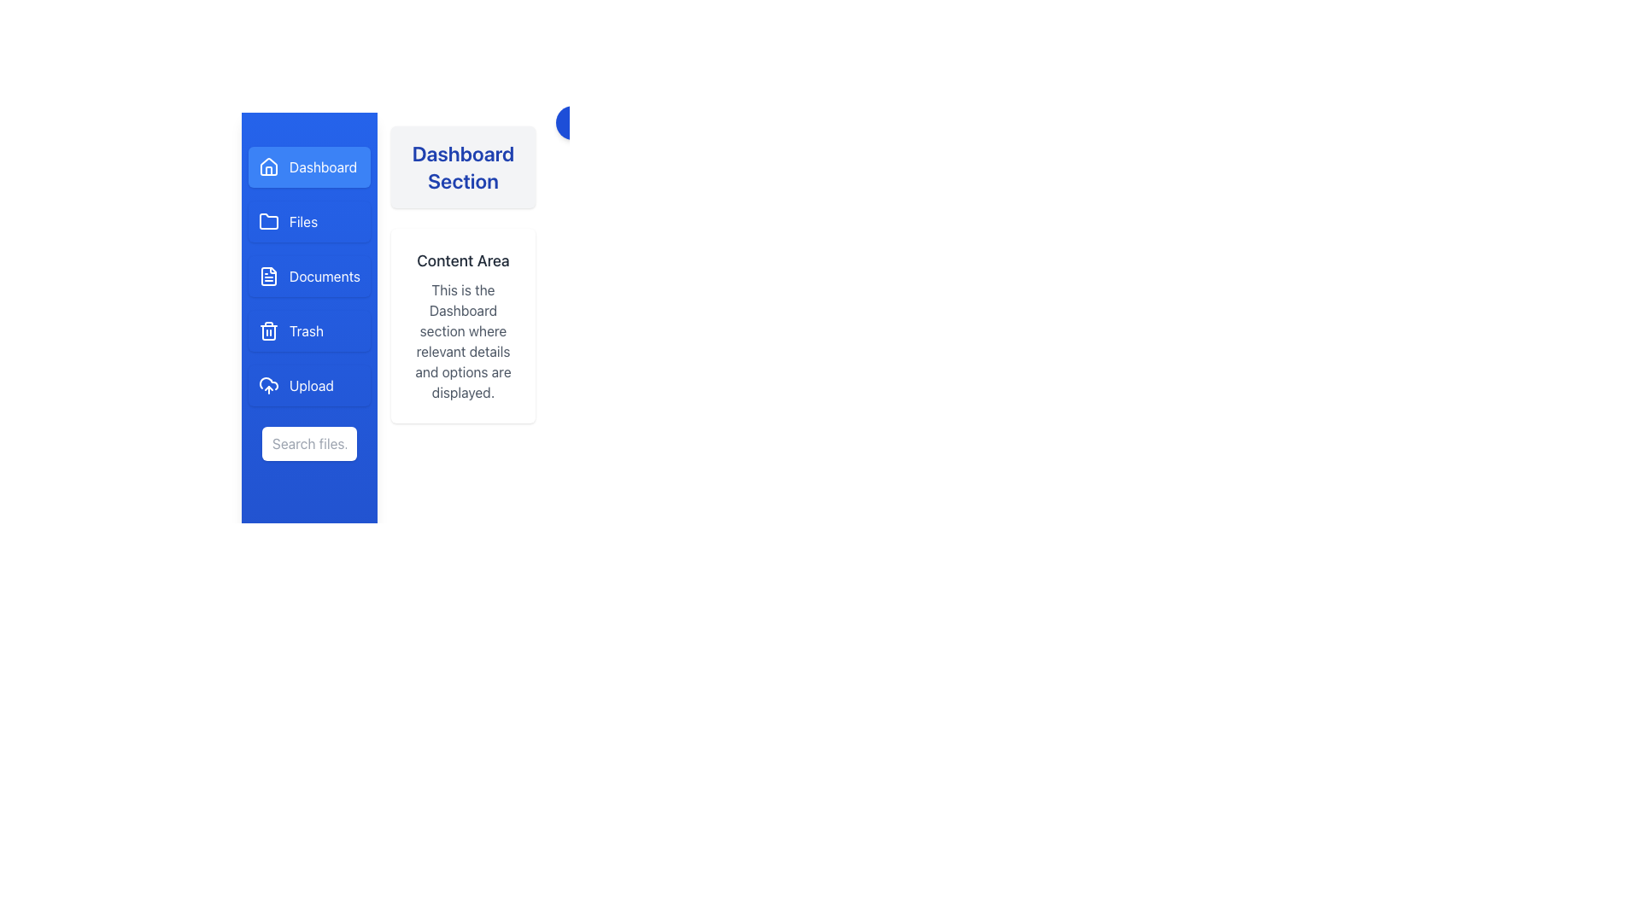 The width and height of the screenshot is (1640, 922). What do you see at coordinates (309, 276) in the screenshot?
I see `the 'Documents' button in the left sidebar` at bounding box center [309, 276].